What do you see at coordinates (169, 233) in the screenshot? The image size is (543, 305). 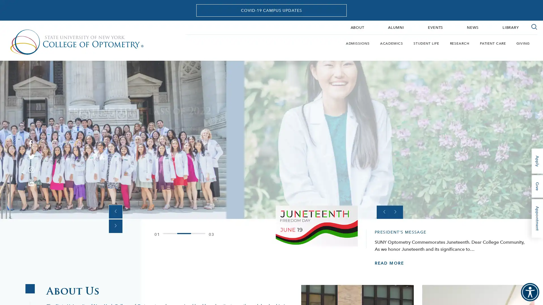 I see `0` at bounding box center [169, 233].